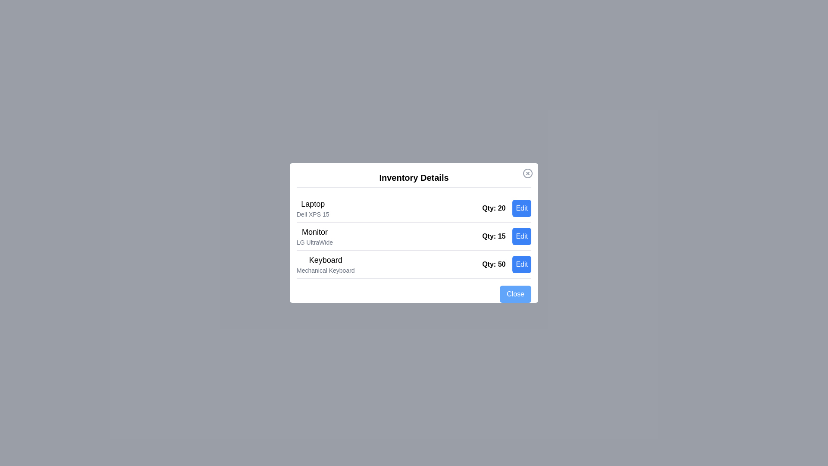  I want to click on the 'Close' button at the bottom of the dialog to close it, so click(515, 294).